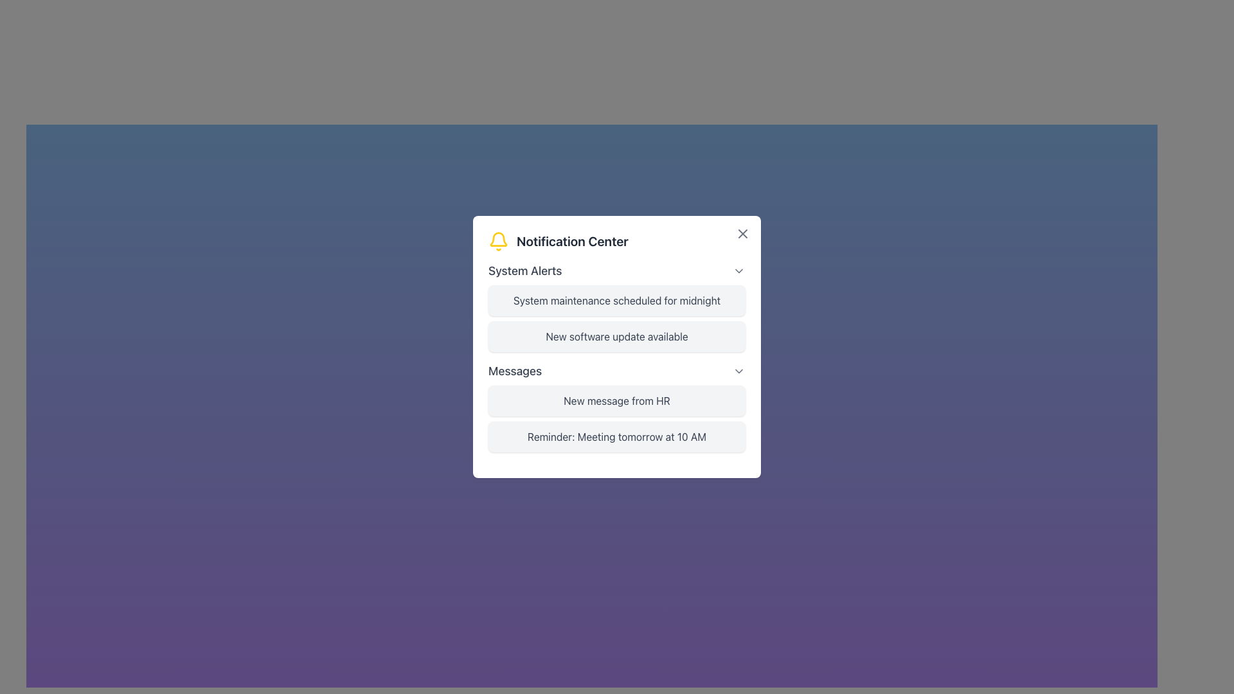 Image resolution: width=1234 pixels, height=694 pixels. I want to click on the Dropdown Toggle Button at the top-right corner of the 'System Alerts' section in the 'Notification Center', so click(739, 270).